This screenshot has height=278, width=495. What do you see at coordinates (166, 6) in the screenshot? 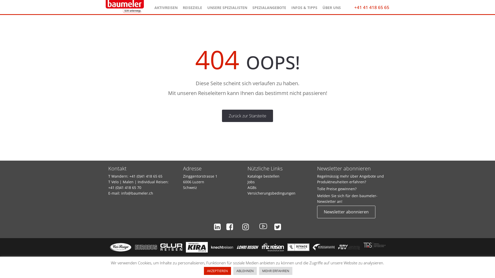
I see `'AKTIVREISEN'` at bounding box center [166, 6].